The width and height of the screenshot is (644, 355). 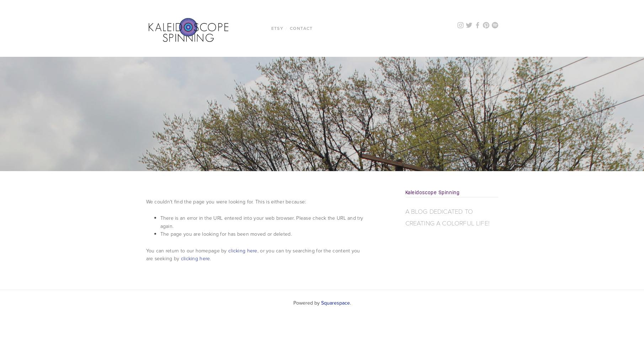 I want to click on 'A blog dedicated to creating a colorful life!', so click(x=447, y=217).